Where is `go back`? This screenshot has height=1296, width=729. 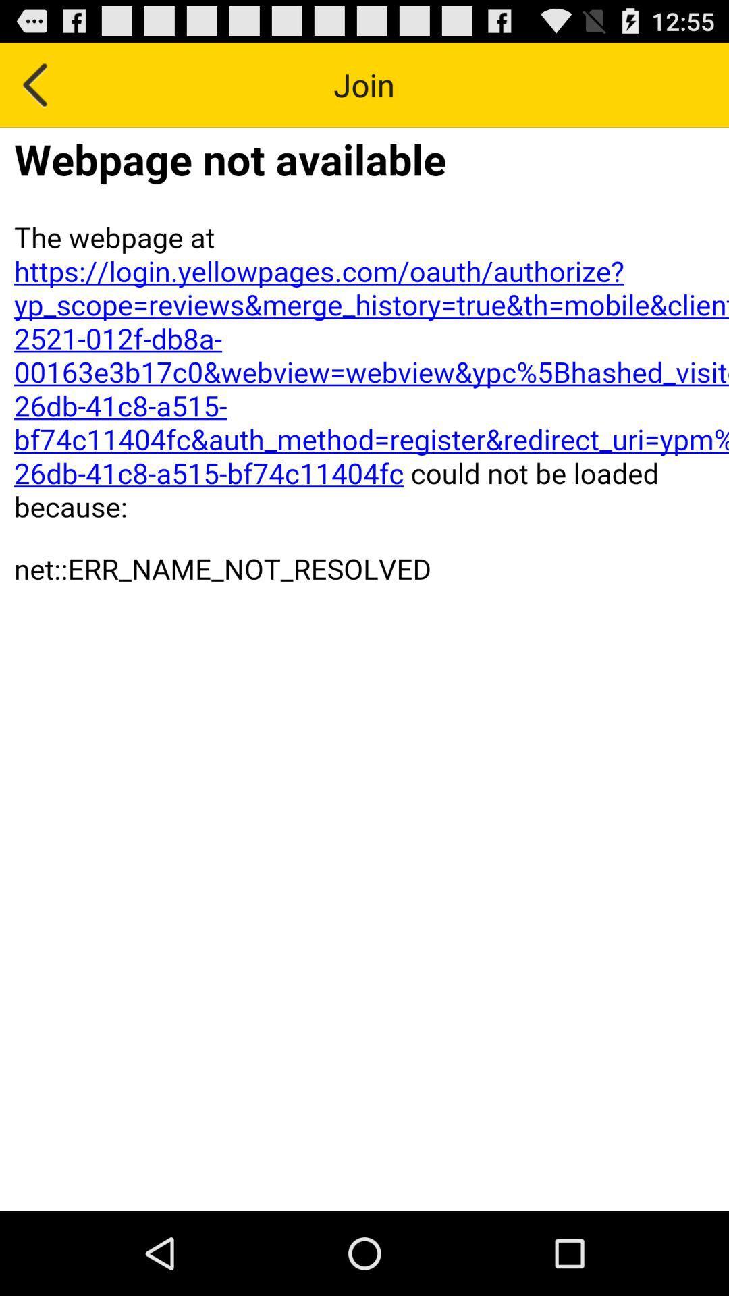
go back is located at coordinates (36, 84).